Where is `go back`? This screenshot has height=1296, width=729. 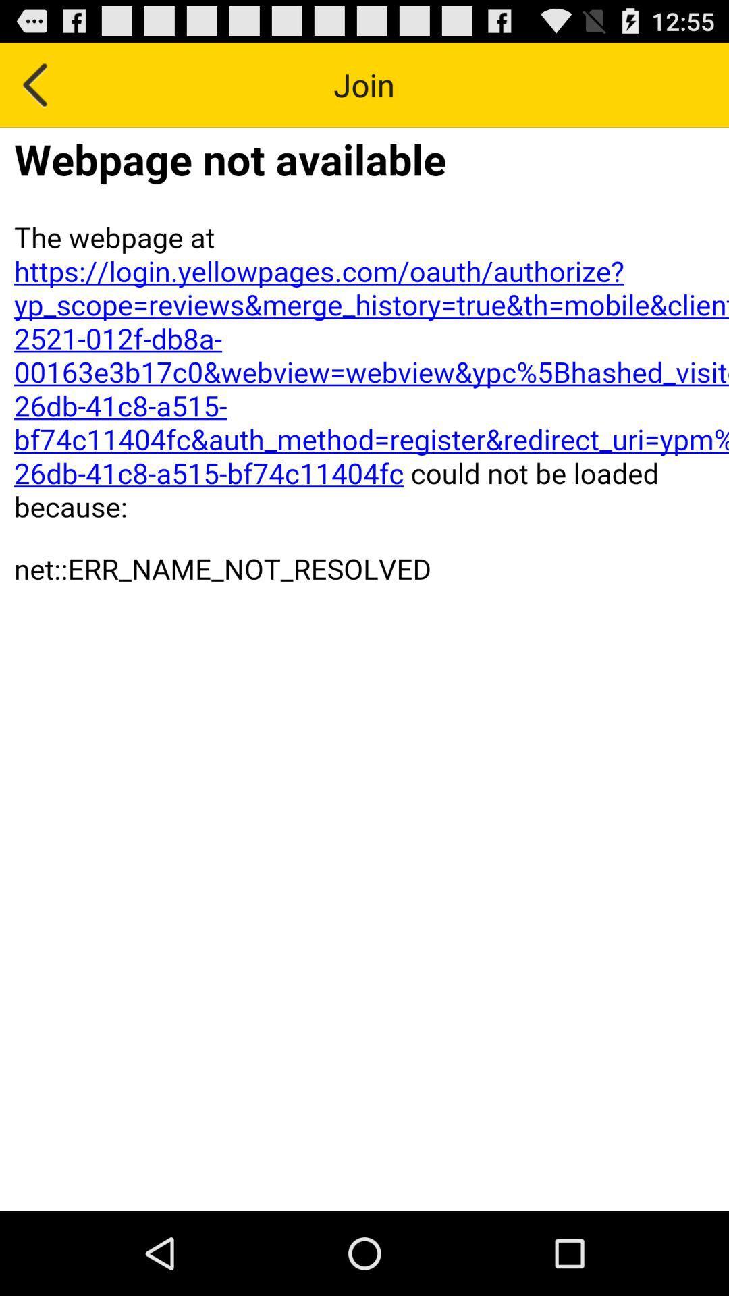
go back is located at coordinates (36, 84).